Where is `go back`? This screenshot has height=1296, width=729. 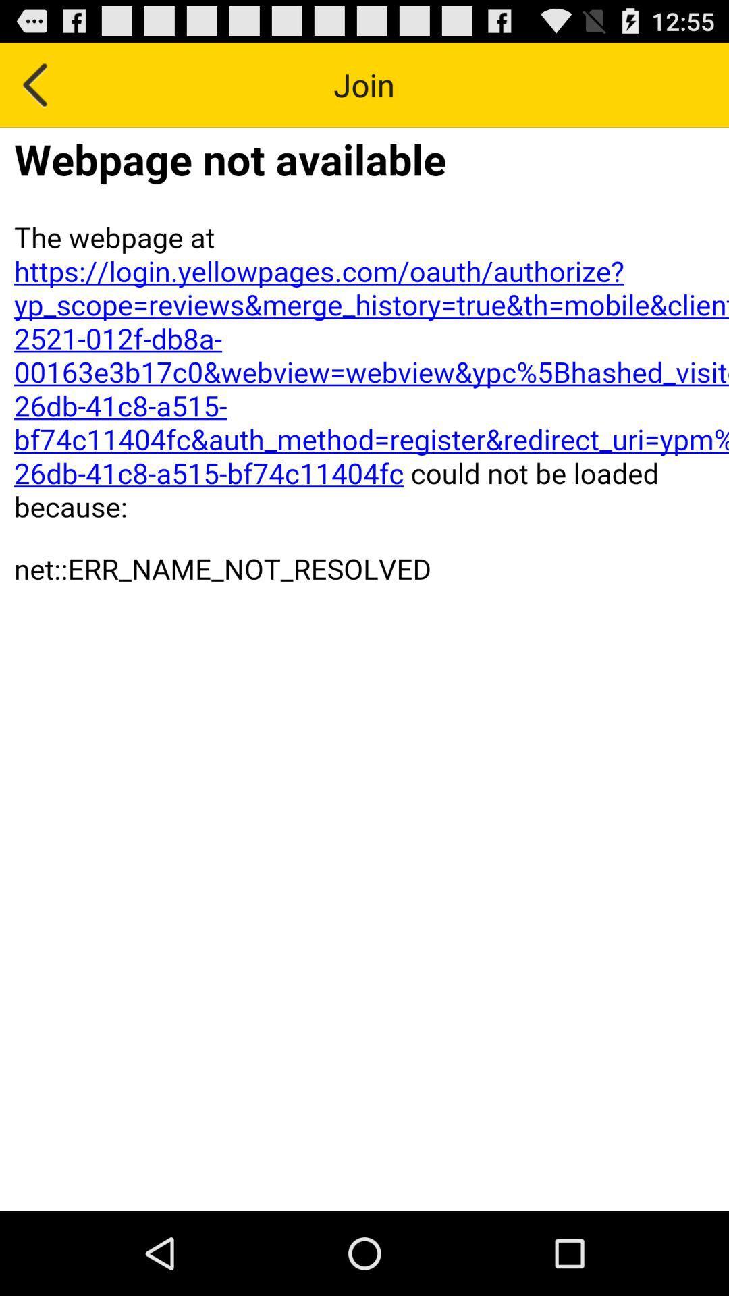
go back is located at coordinates (36, 84).